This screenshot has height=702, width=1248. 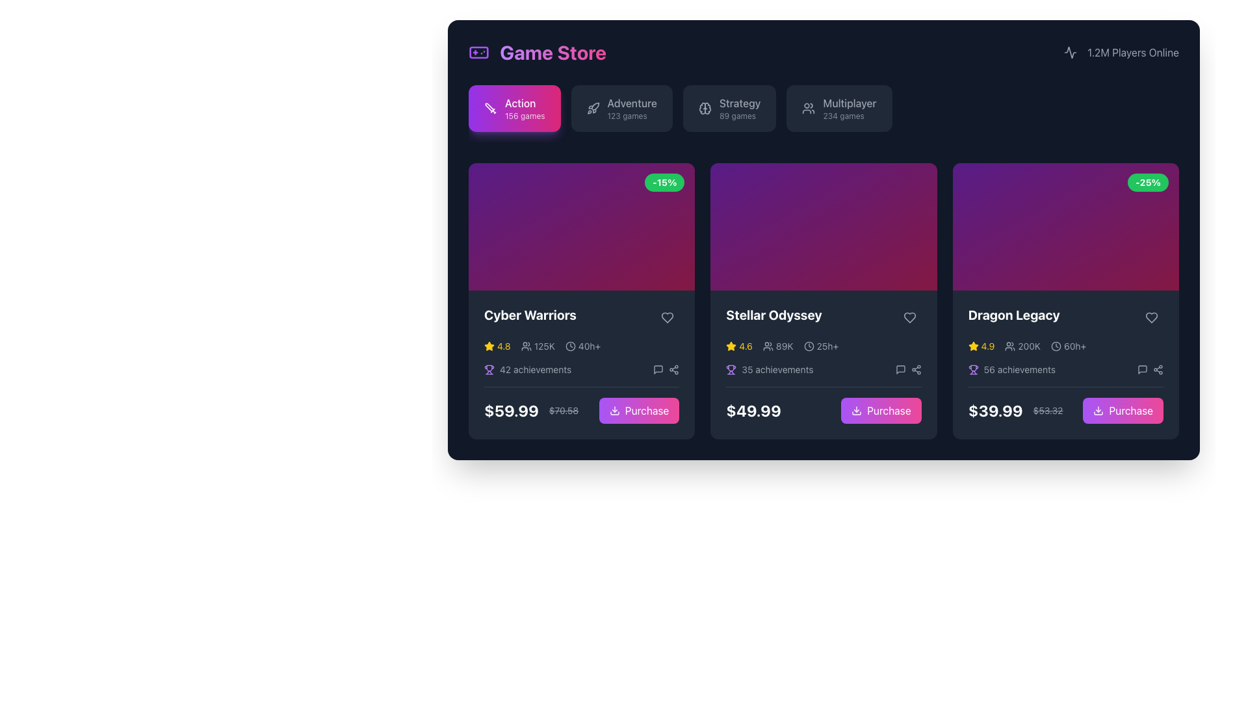 I want to click on the Decorative banner featuring a gradient background from purple to pink with a green '-15%' badge at the top-right corner, located in the top section of the 'Cyber Warriors' card, so click(x=581, y=226).